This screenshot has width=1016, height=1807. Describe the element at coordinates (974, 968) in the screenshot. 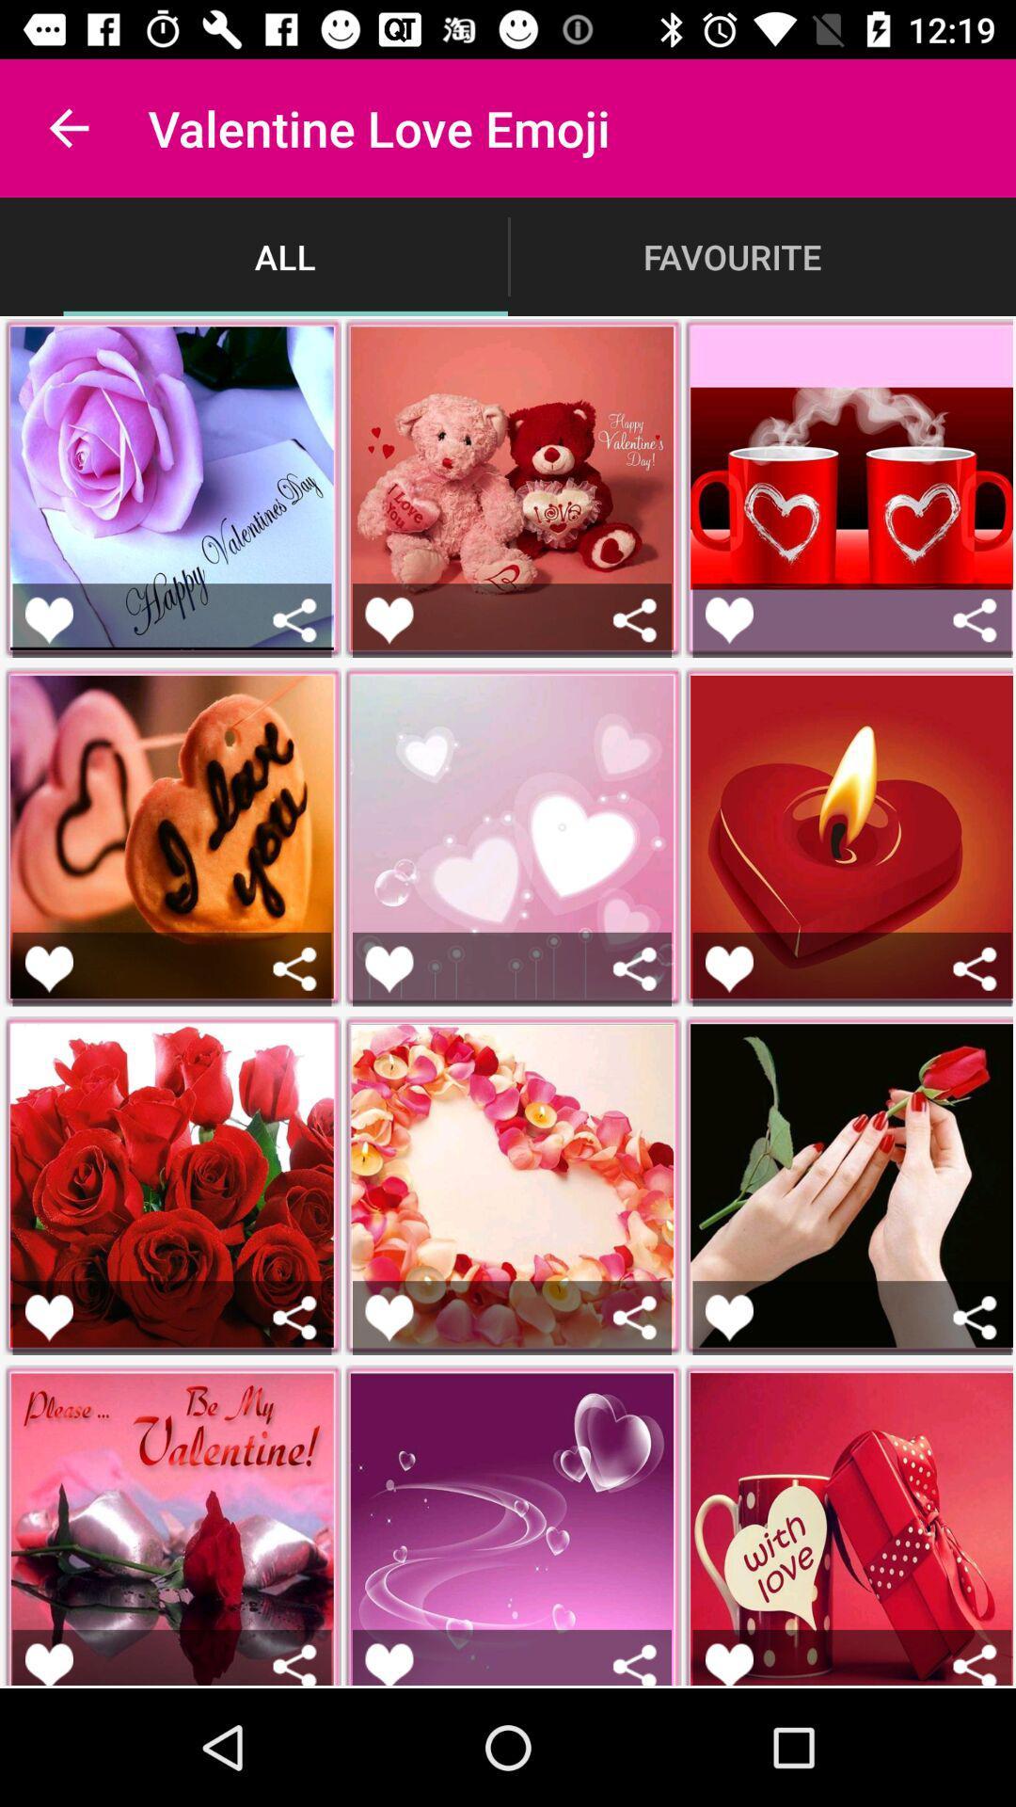

I see `share the image` at that location.